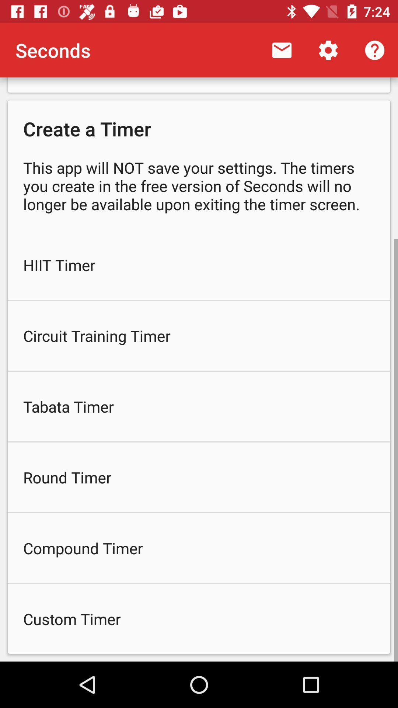  I want to click on circuit training timer, so click(199, 335).